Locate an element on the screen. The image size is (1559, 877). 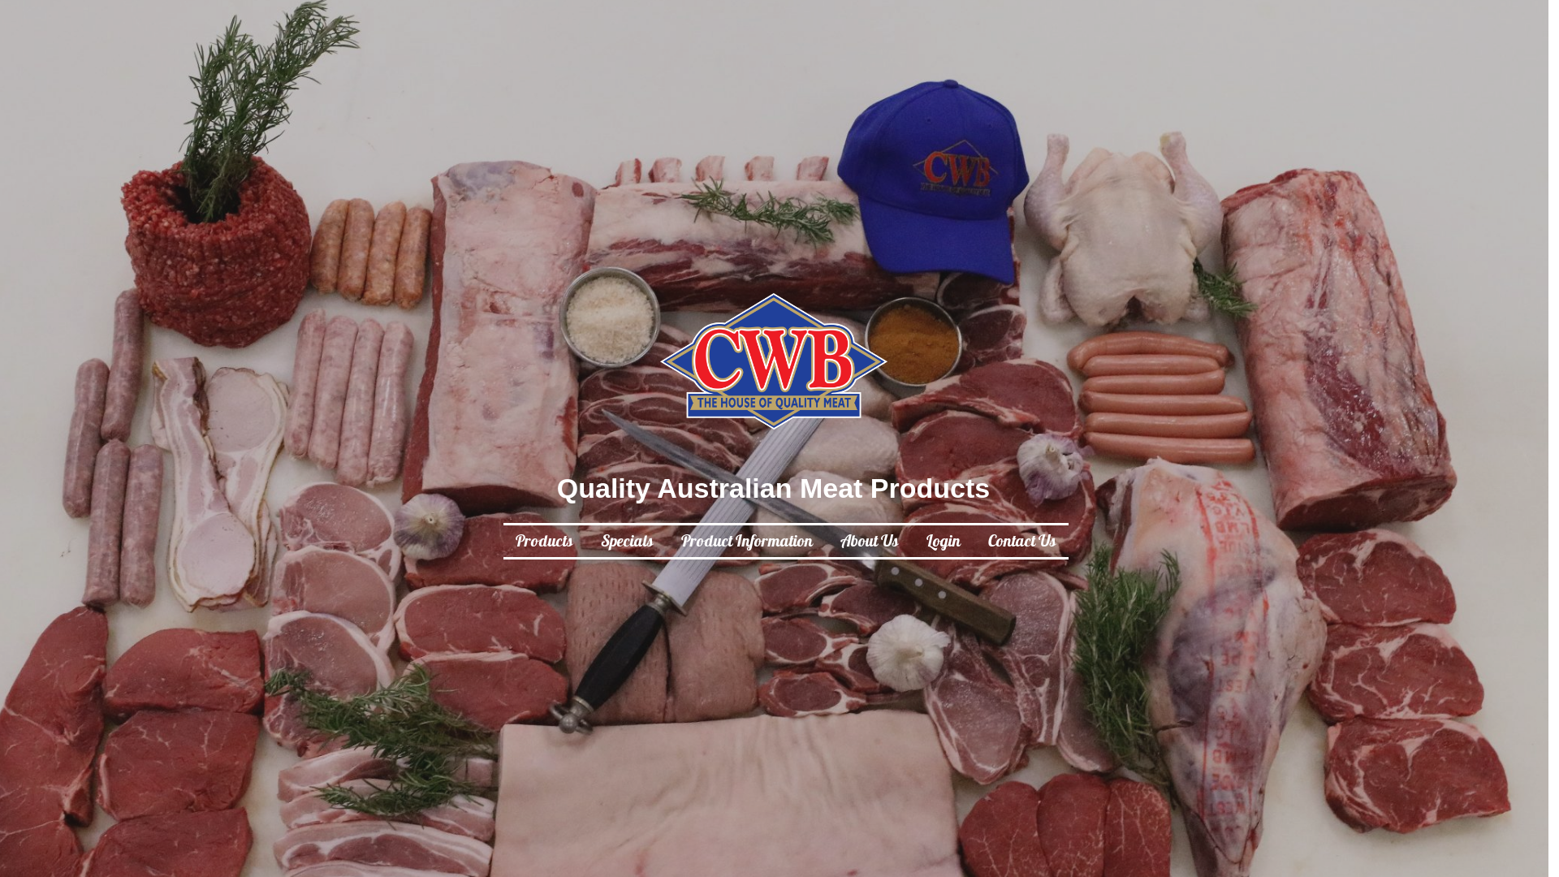
'Login' is located at coordinates (943, 542).